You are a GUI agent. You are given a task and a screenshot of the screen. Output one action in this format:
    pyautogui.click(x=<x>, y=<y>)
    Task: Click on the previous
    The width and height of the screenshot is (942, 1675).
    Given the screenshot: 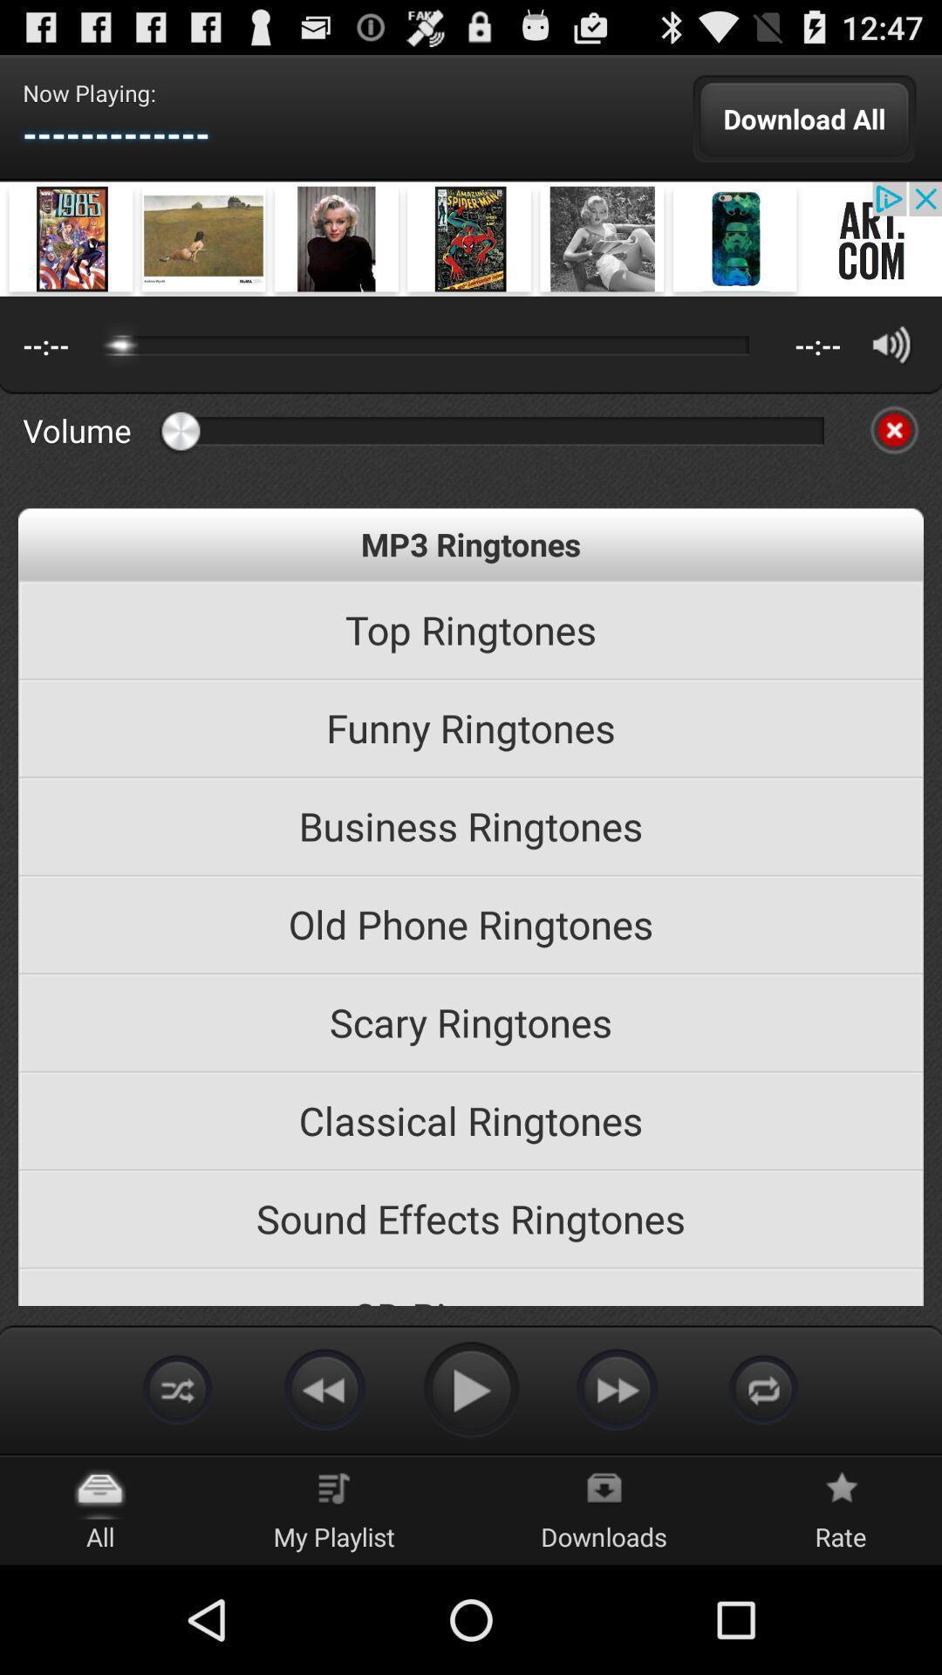 What is the action you would take?
    pyautogui.click(x=324, y=1388)
    